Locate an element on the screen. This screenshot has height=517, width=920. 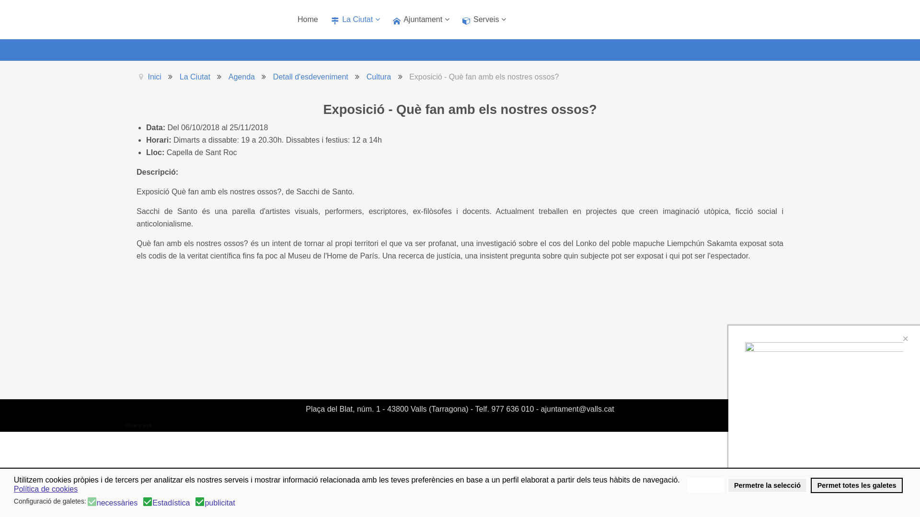
'Serveis' is located at coordinates (483, 20).